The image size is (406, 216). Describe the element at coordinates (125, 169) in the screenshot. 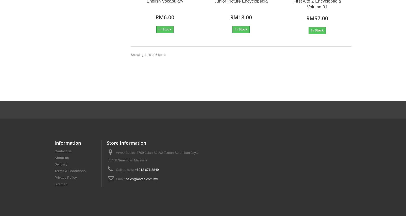

I see `'Call us now:'` at that location.